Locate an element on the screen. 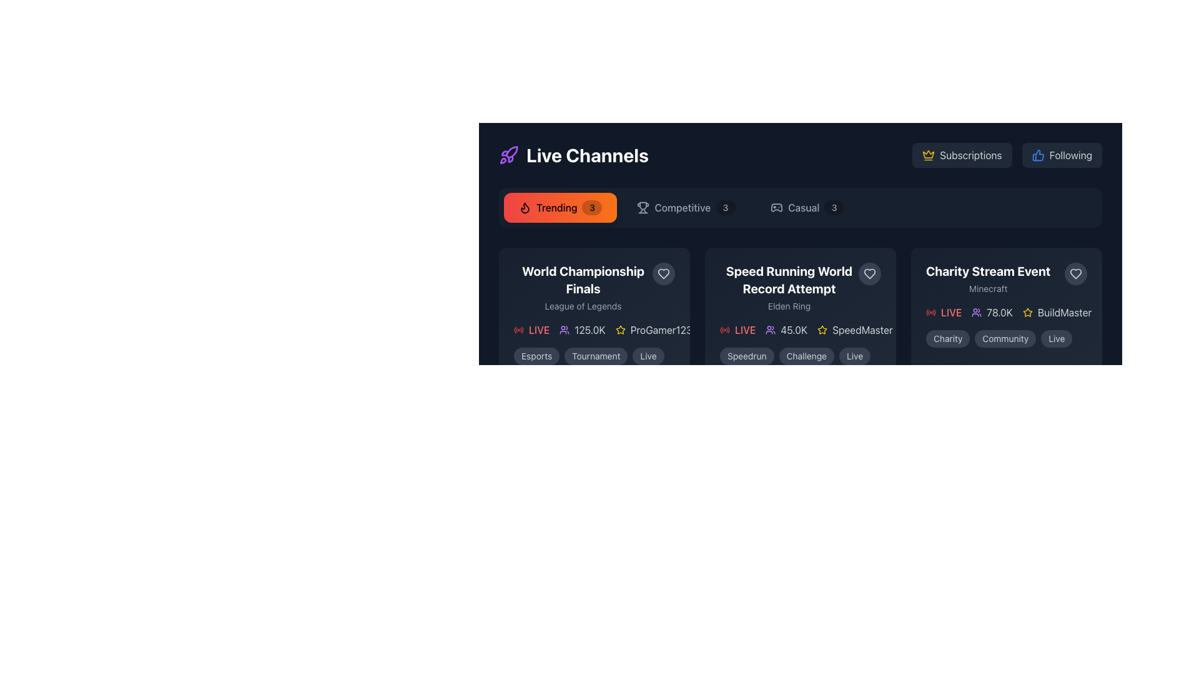  the interactive button located in the upper-right corner of the 'World Championship Finals' card is located at coordinates (663, 273).